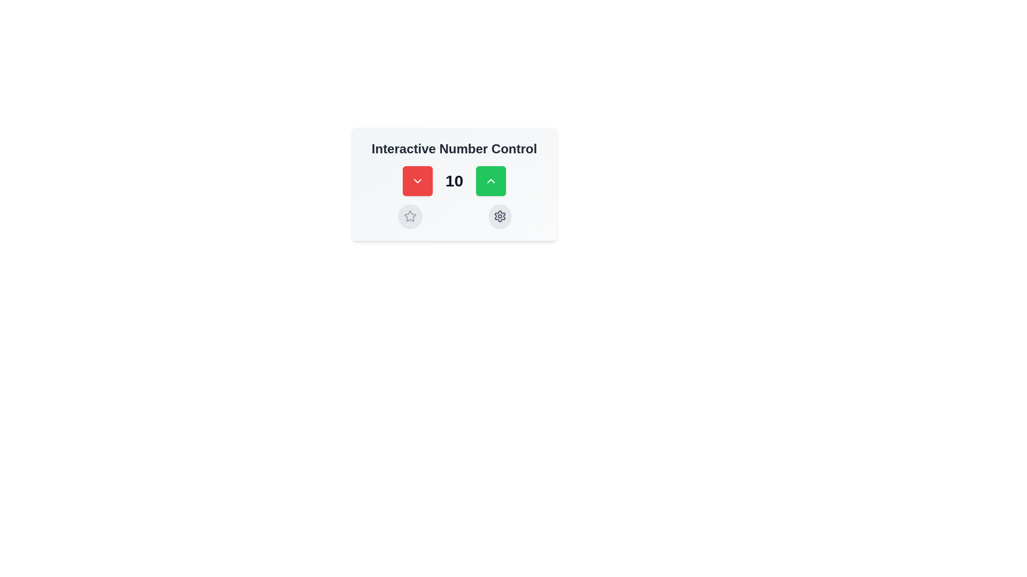 The height and width of the screenshot is (577, 1027). Describe the element at coordinates (490, 181) in the screenshot. I see `the increment control button located to the right of the number '10' for keyboard interaction` at that location.